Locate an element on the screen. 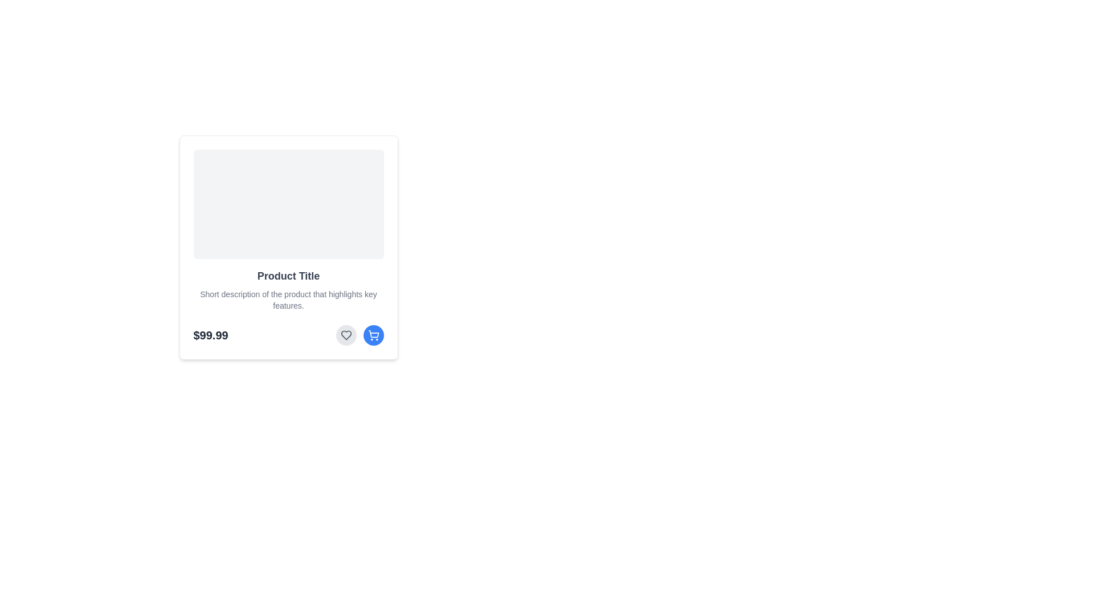 The image size is (1094, 615). the circular gray button with a heart icon located in the bottom section of the card interface is located at coordinates (345, 335).